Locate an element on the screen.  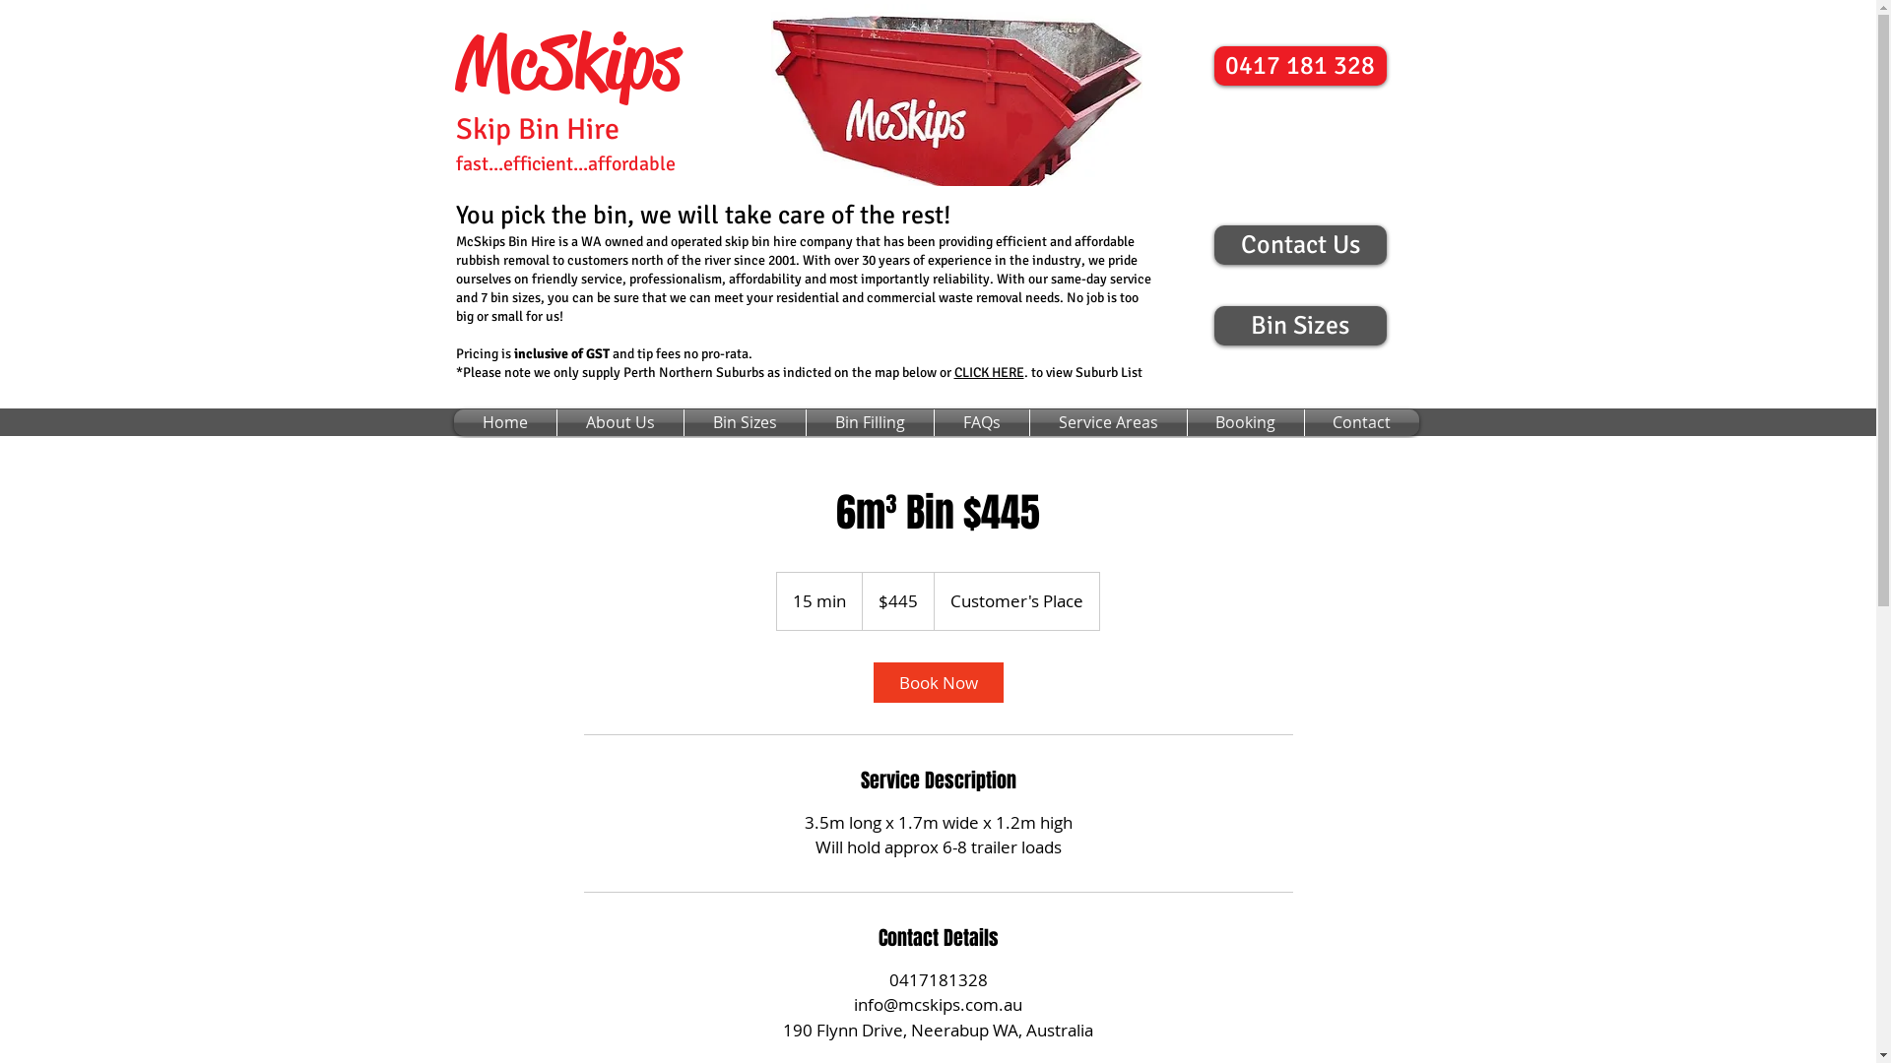
'Contact' is located at coordinates (1360, 421).